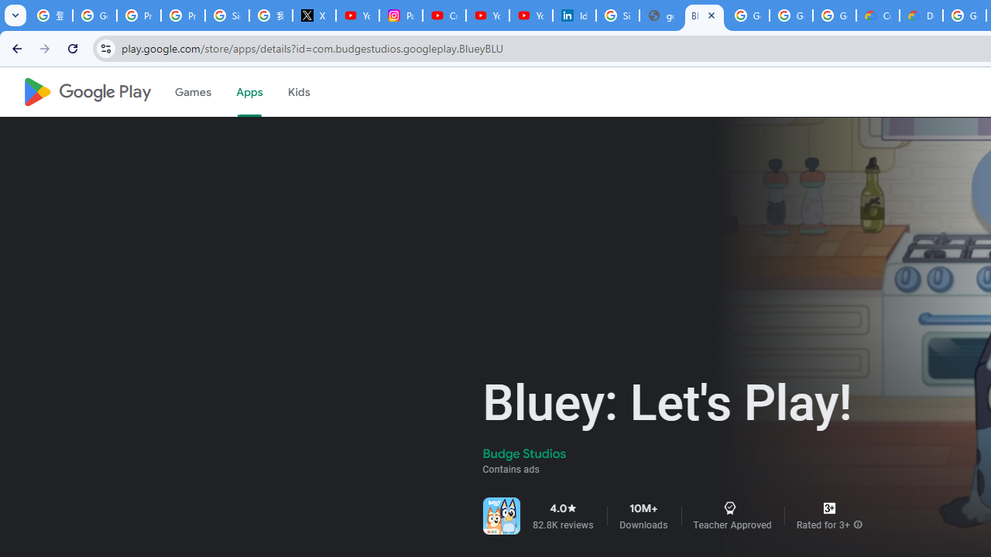  I want to click on 'More info about this content rating', so click(857, 524).